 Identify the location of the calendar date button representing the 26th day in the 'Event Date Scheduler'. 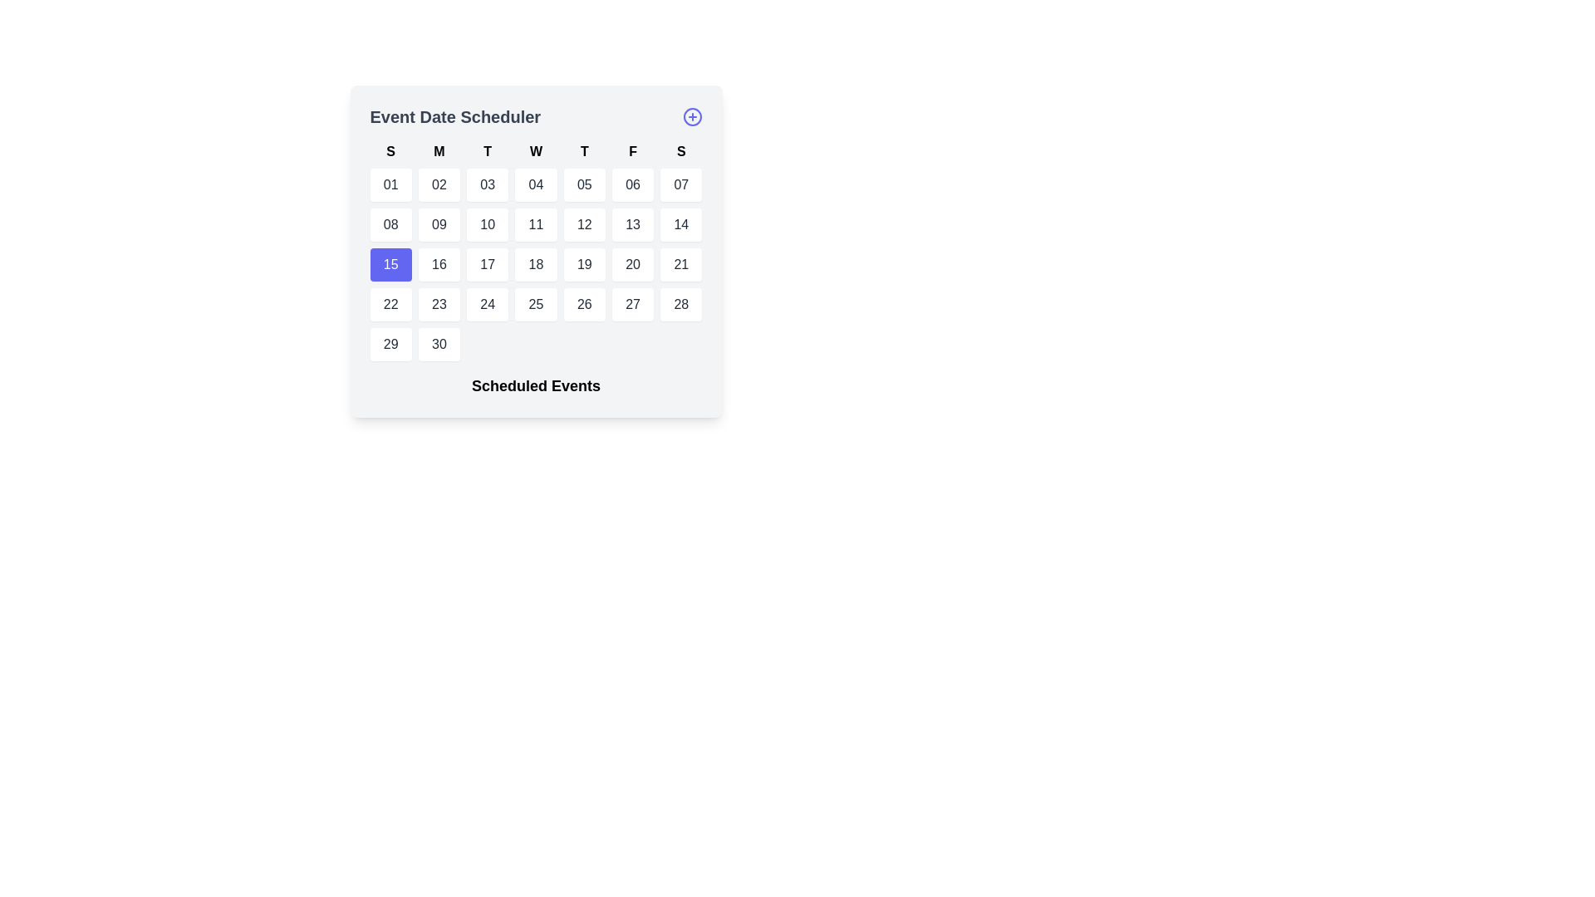
(584, 304).